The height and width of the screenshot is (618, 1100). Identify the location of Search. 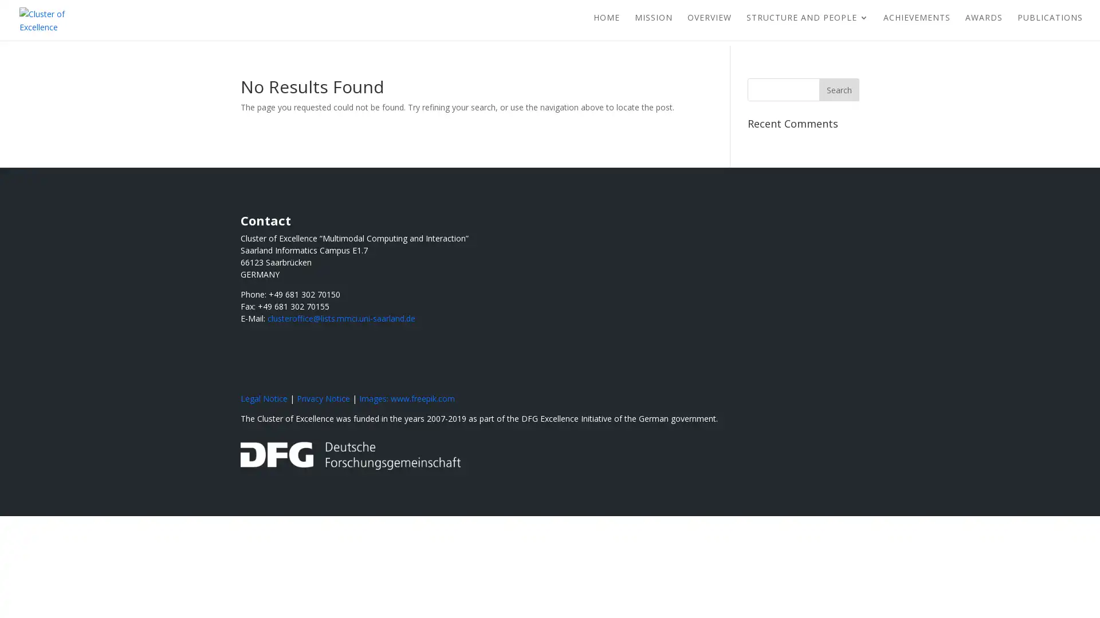
(839, 86).